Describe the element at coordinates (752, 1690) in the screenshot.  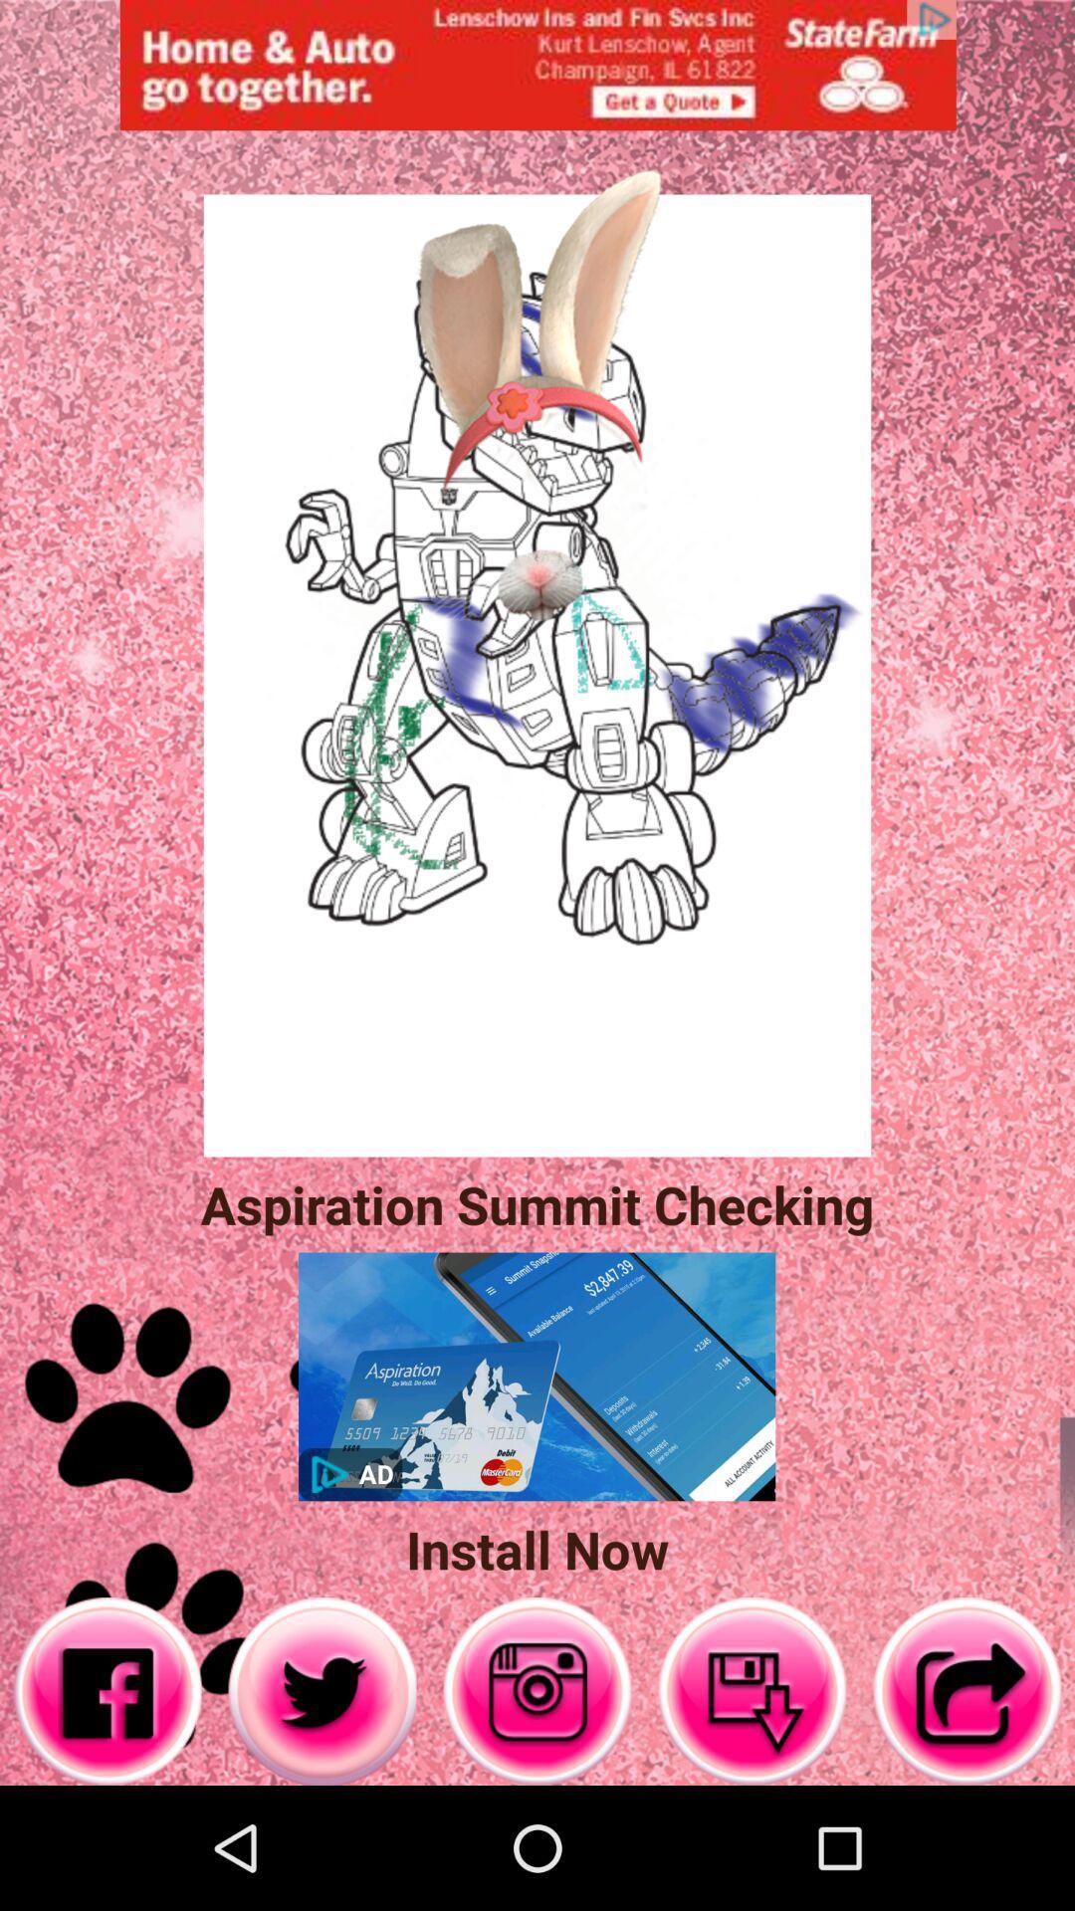
I see `down the mail box option` at that location.